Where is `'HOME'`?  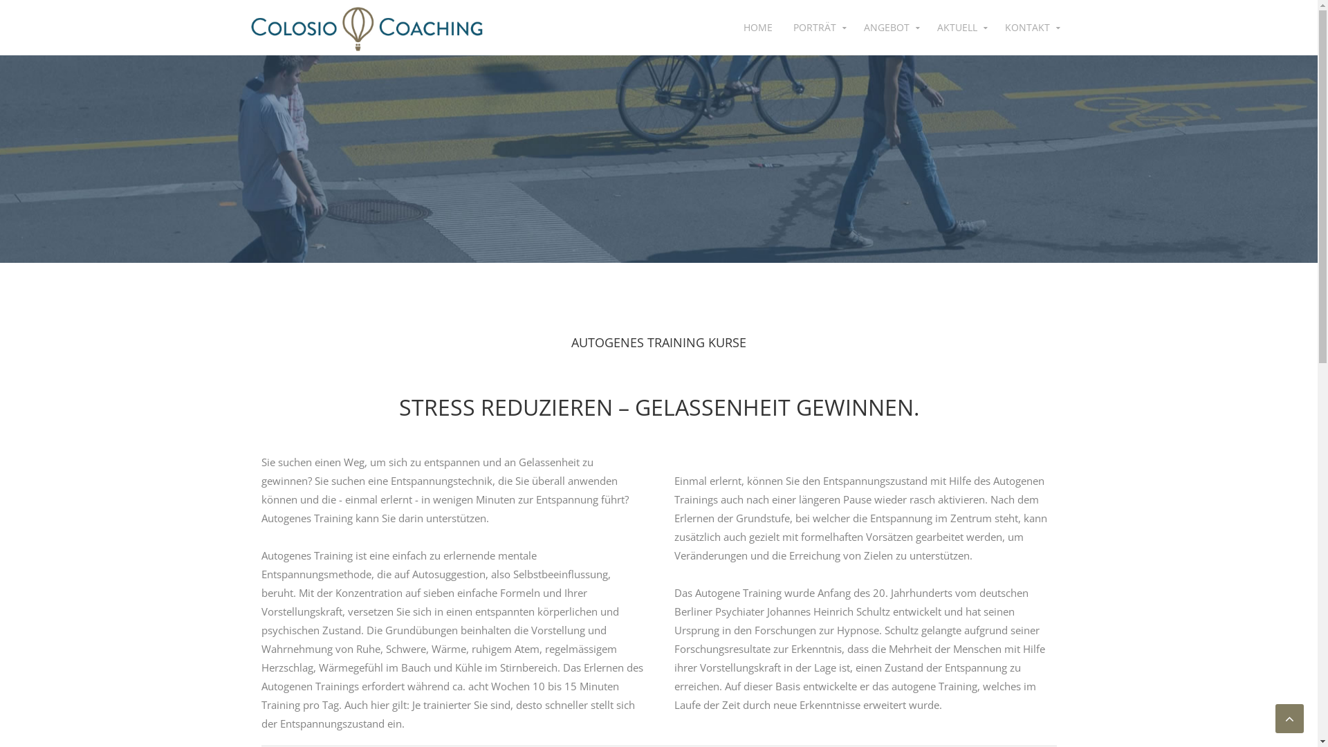 'HOME' is located at coordinates (757, 27).